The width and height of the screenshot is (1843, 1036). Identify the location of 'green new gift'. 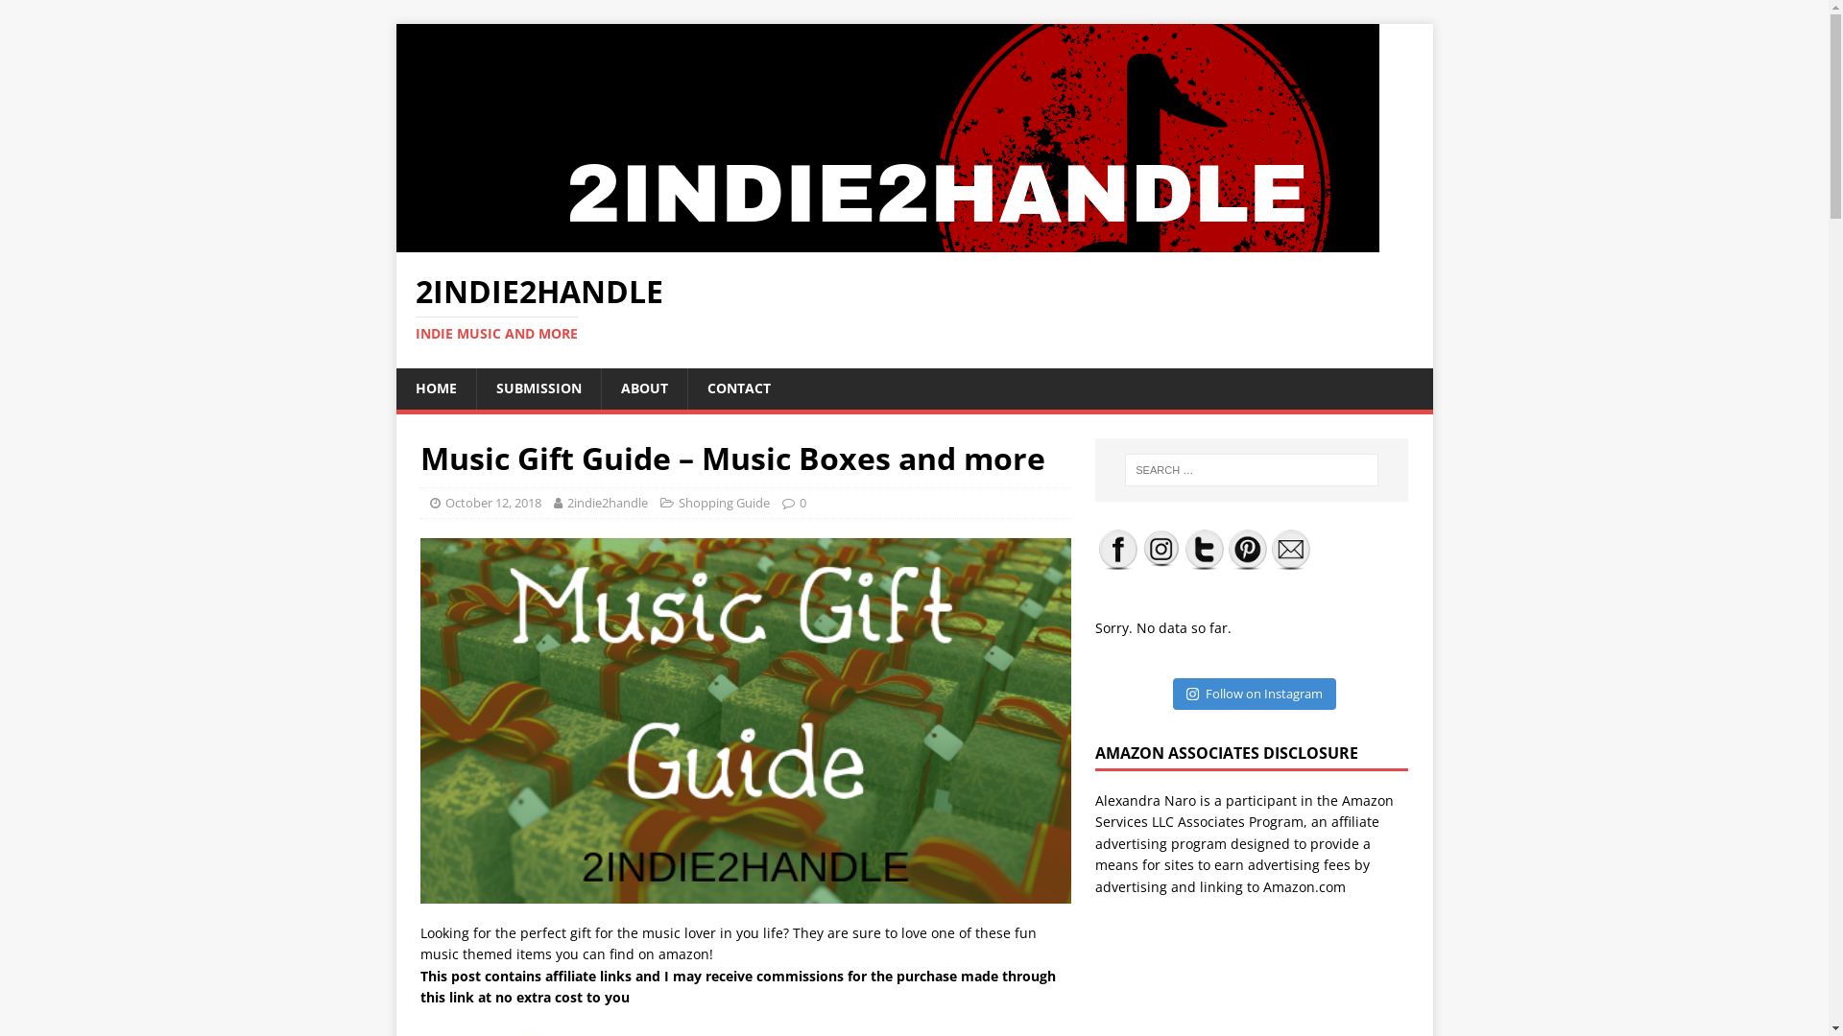
(419, 720).